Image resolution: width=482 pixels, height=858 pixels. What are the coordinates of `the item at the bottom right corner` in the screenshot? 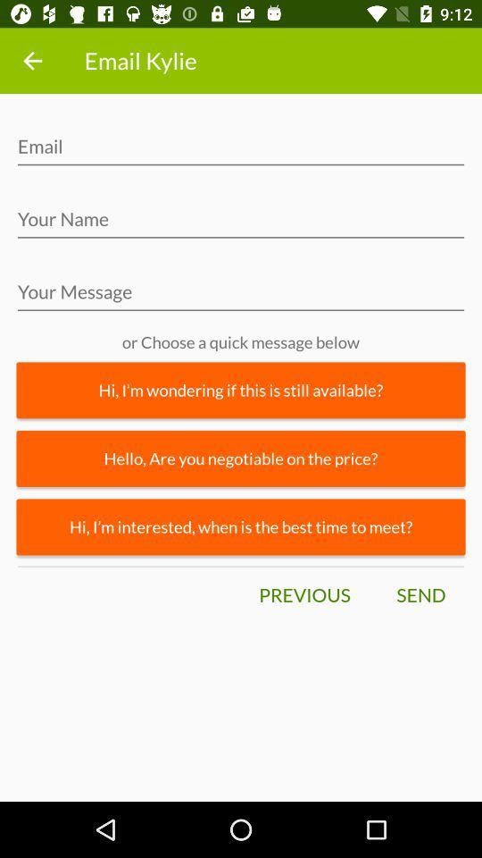 It's located at (420, 595).